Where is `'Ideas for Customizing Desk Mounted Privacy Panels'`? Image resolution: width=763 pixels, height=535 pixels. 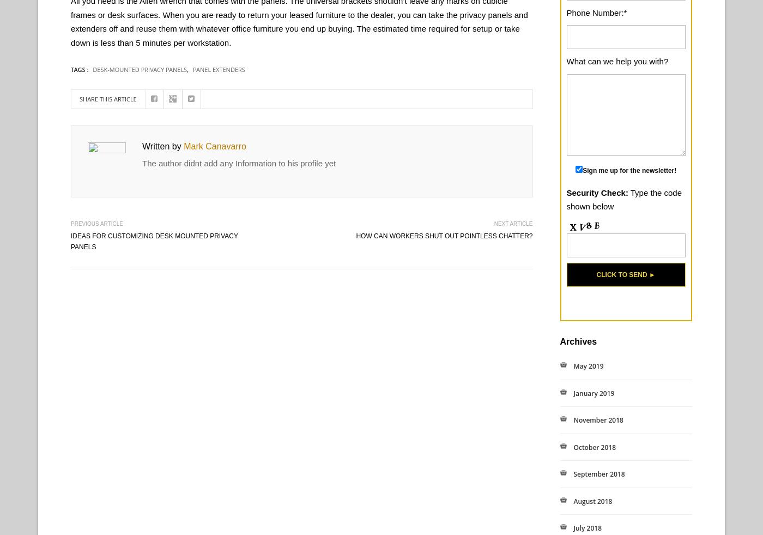 'Ideas for Customizing Desk Mounted Privacy Panels' is located at coordinates (154, 241).